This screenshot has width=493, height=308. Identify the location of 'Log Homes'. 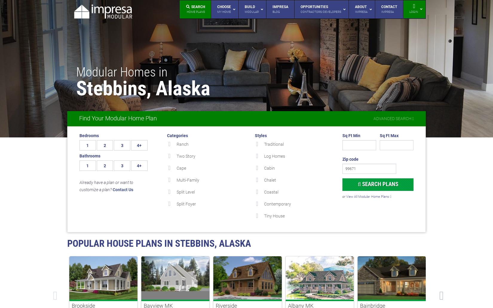
(275, 156).